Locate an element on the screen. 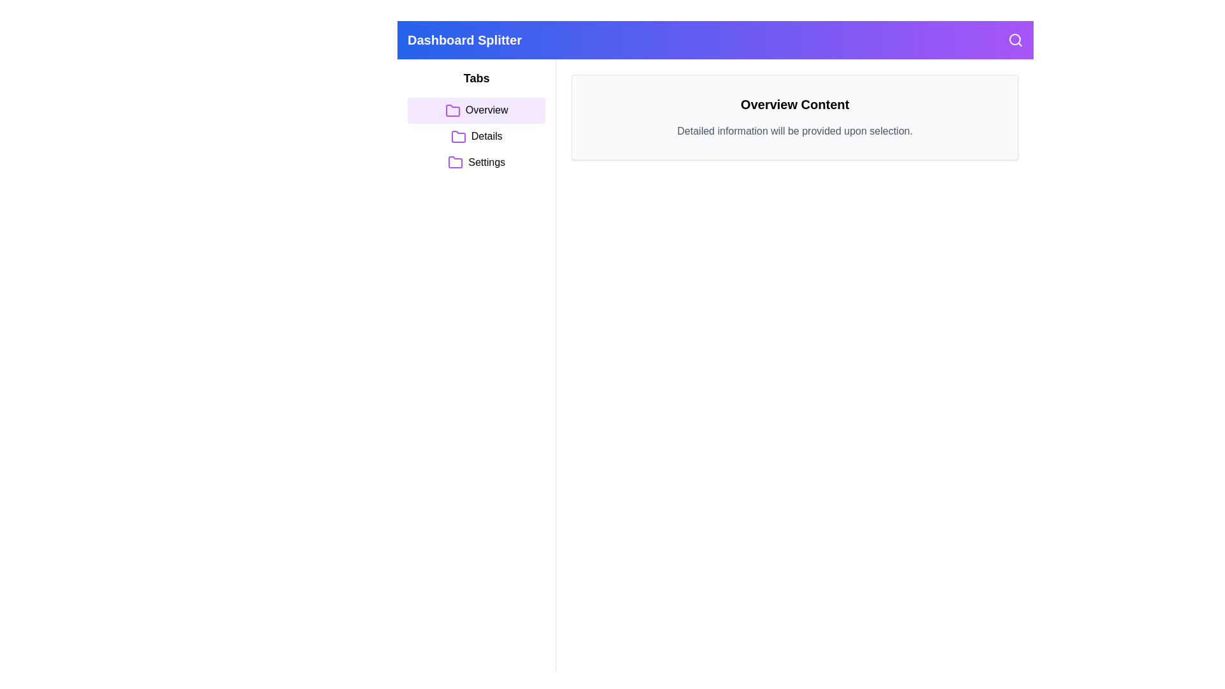 This screenshot has width=1225, height=689. the purple folder icon in the sidebar menu labeled 'Settings' is located at coordinates (456, 162).